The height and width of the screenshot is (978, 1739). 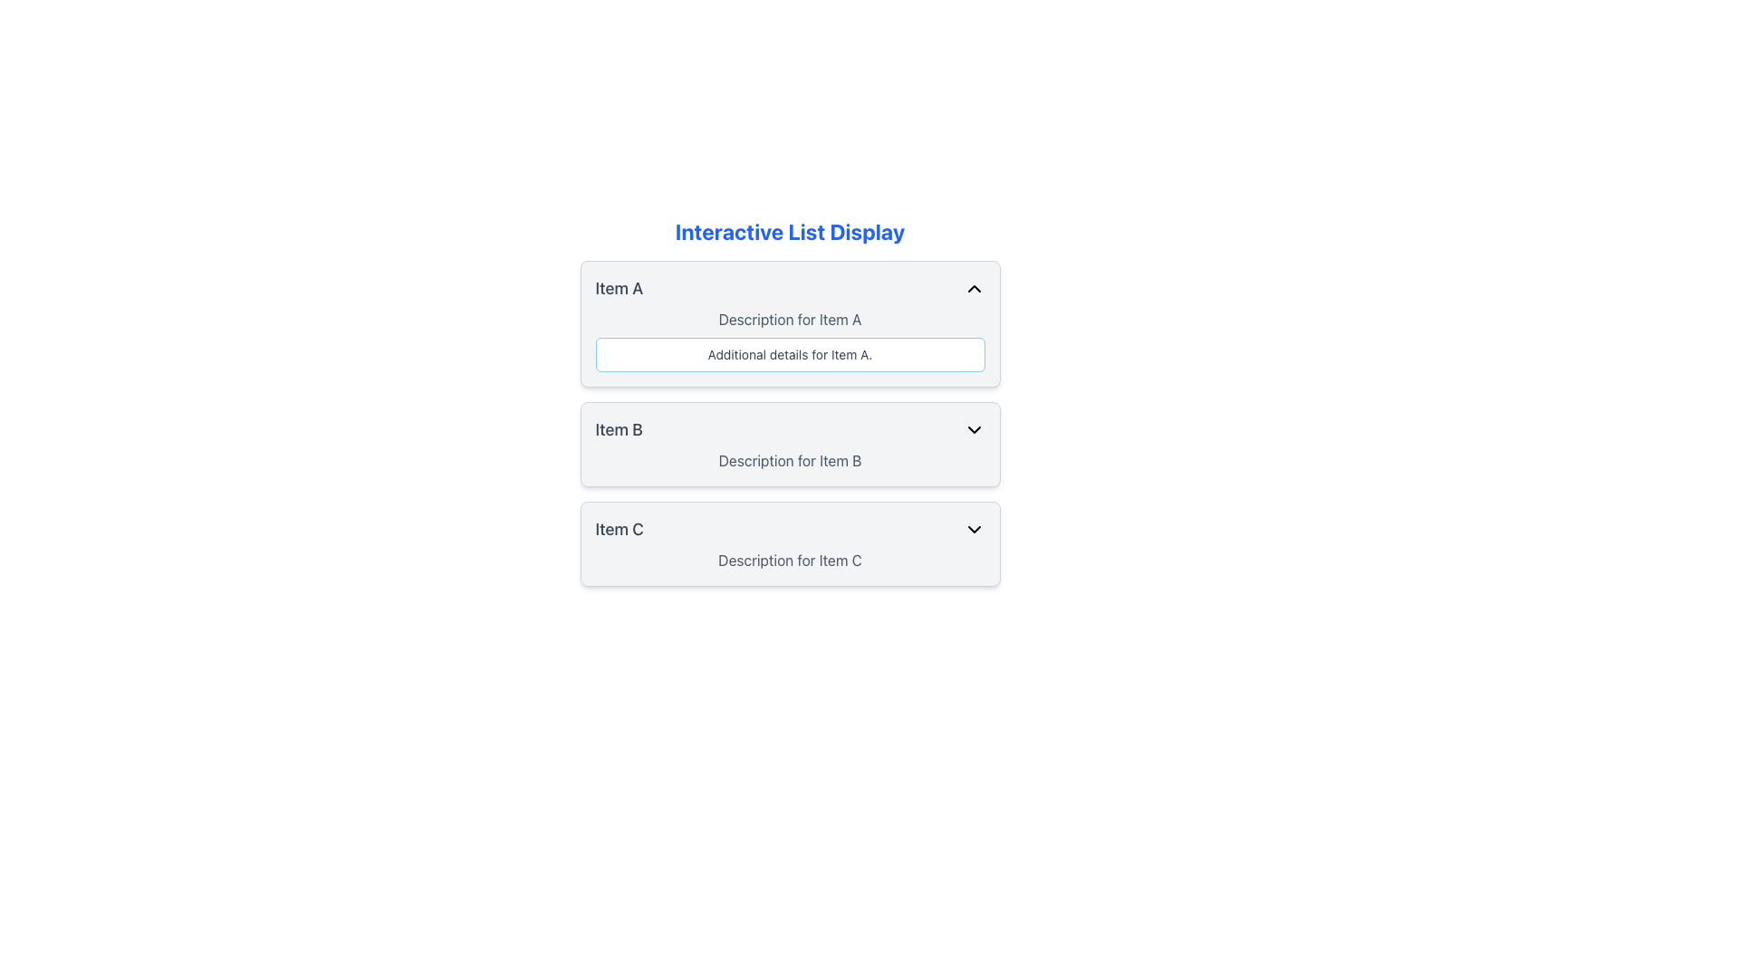 I want to click on the List Item Section that contains content related to 'Item B', which is located between 'Item A' and 'Item C', so click(x=790, y=444).